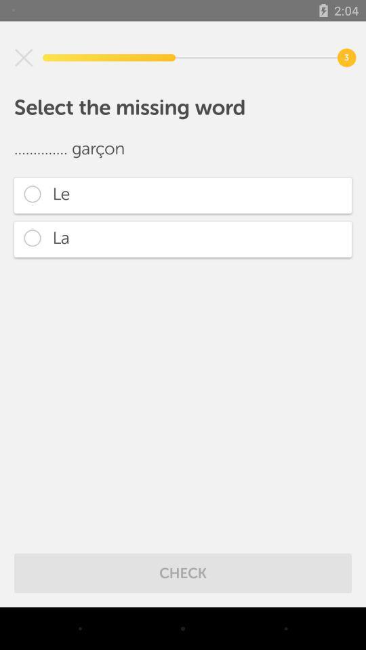 This screenshot has width=366, height=650. Describe the element at coordinates (183, 239) in the screenshot. I see `the la at the center` at that location.